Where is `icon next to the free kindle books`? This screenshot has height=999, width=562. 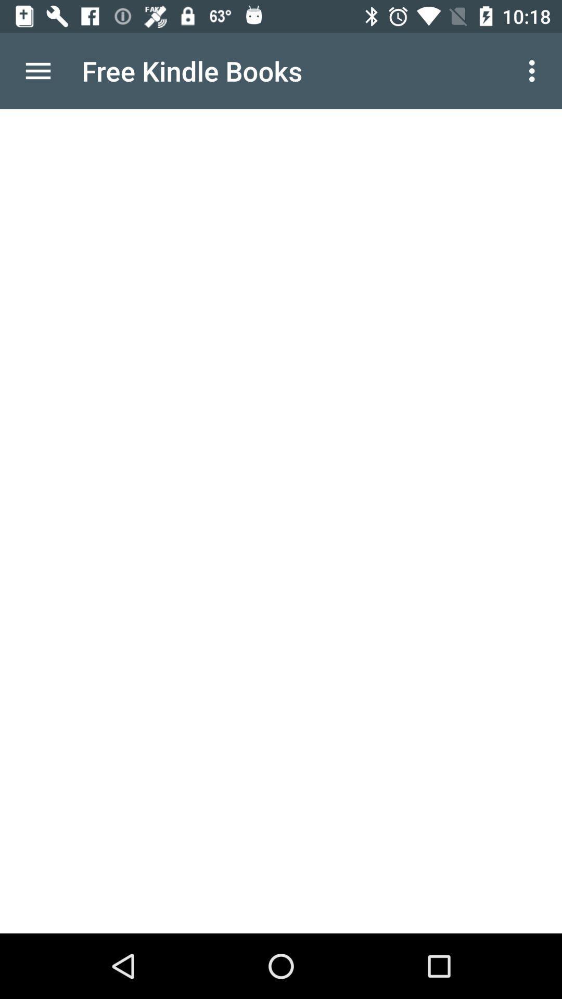
icon next to the free kindle books is located at coordinates (37, 70).